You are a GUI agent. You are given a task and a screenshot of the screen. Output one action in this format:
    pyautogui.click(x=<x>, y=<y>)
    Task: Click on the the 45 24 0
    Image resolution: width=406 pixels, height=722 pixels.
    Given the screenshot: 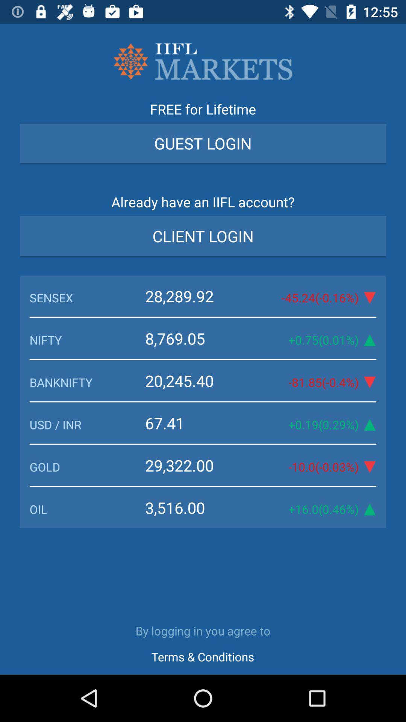 What is the action you would take?
    pyautogui.click(x=313, y=297)
    